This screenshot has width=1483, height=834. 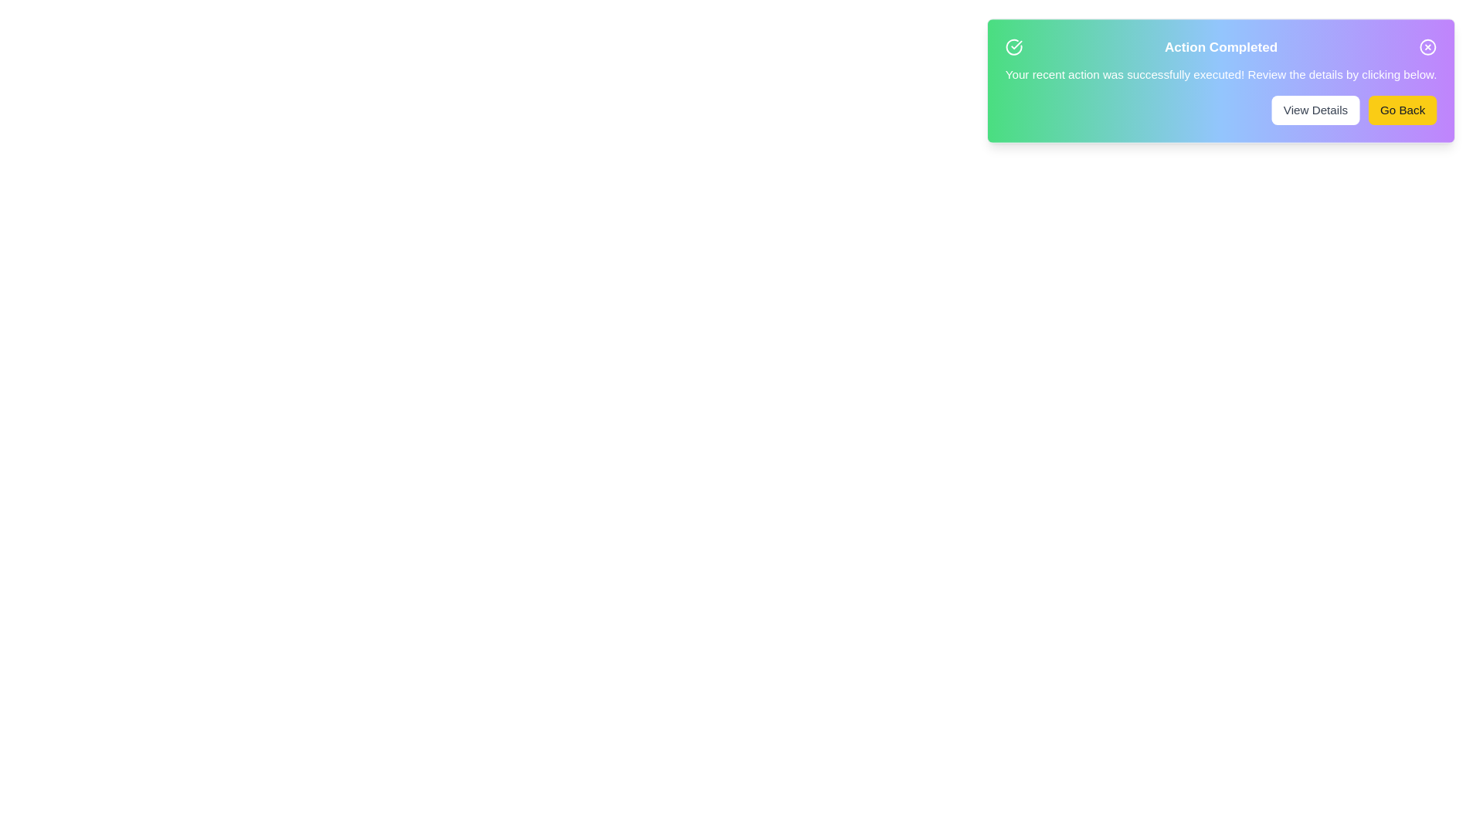 I want to click on the gradient background of the alert, so click(x=1219, y=80).